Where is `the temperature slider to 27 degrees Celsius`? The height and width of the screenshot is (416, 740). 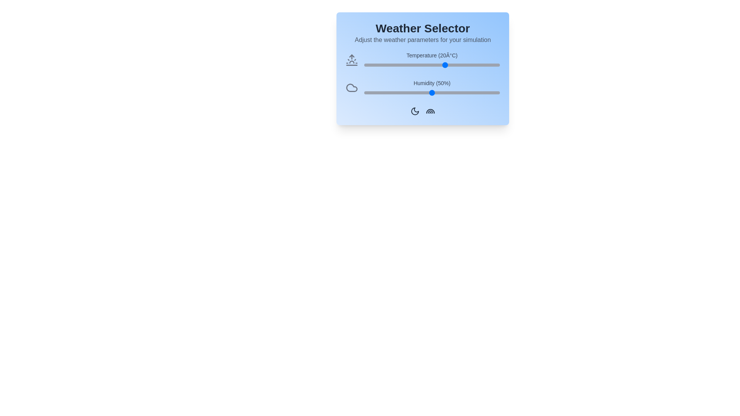
the temperature slider to 27 degrees Celsius is located at coordinates (464, 65).